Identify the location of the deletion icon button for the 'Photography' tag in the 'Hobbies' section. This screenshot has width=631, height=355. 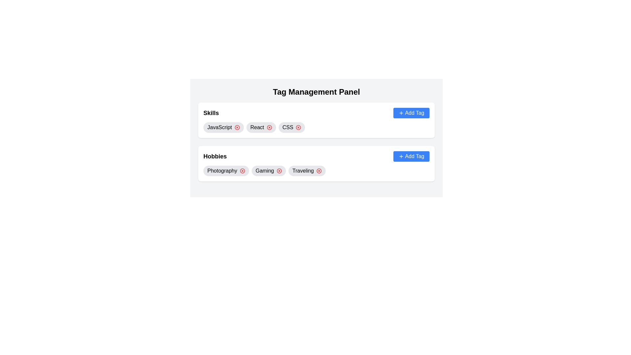
(242, 171).